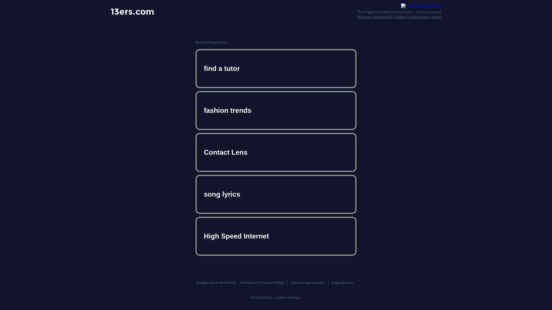 Image resolution: width=552 pixels, height=310 pixels. What do you see at coordinates (399, 16) in the screenshot?
I see `'Why am I seeing this 'Under Construction' page?'` at bounding box center [399, 16].